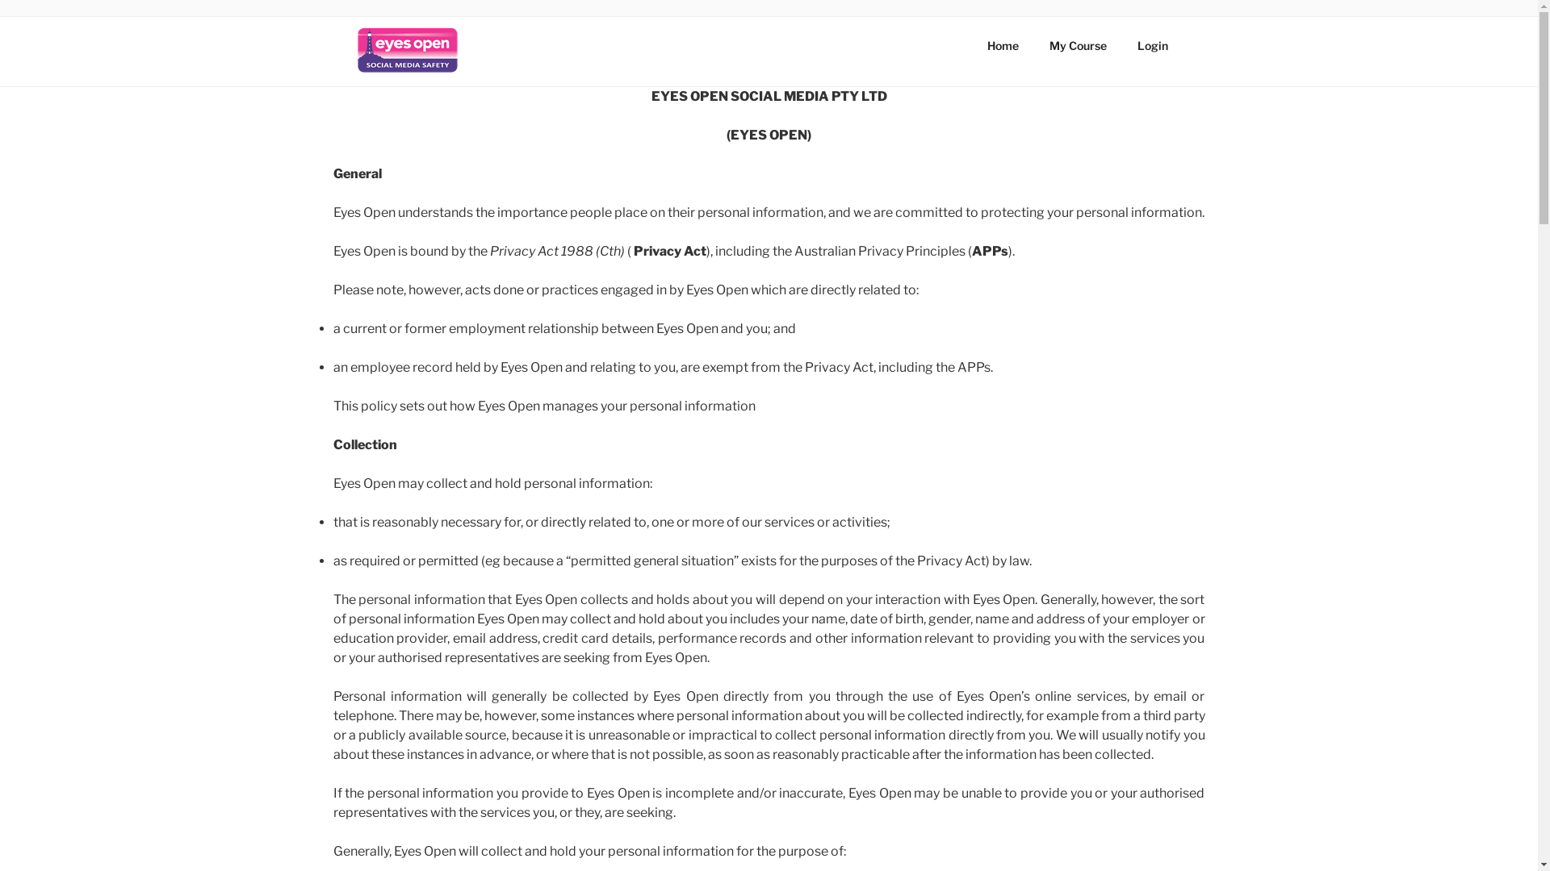 This screenshot has width=1550, height=871. I want to click on 'Home', so click(1003, 44).